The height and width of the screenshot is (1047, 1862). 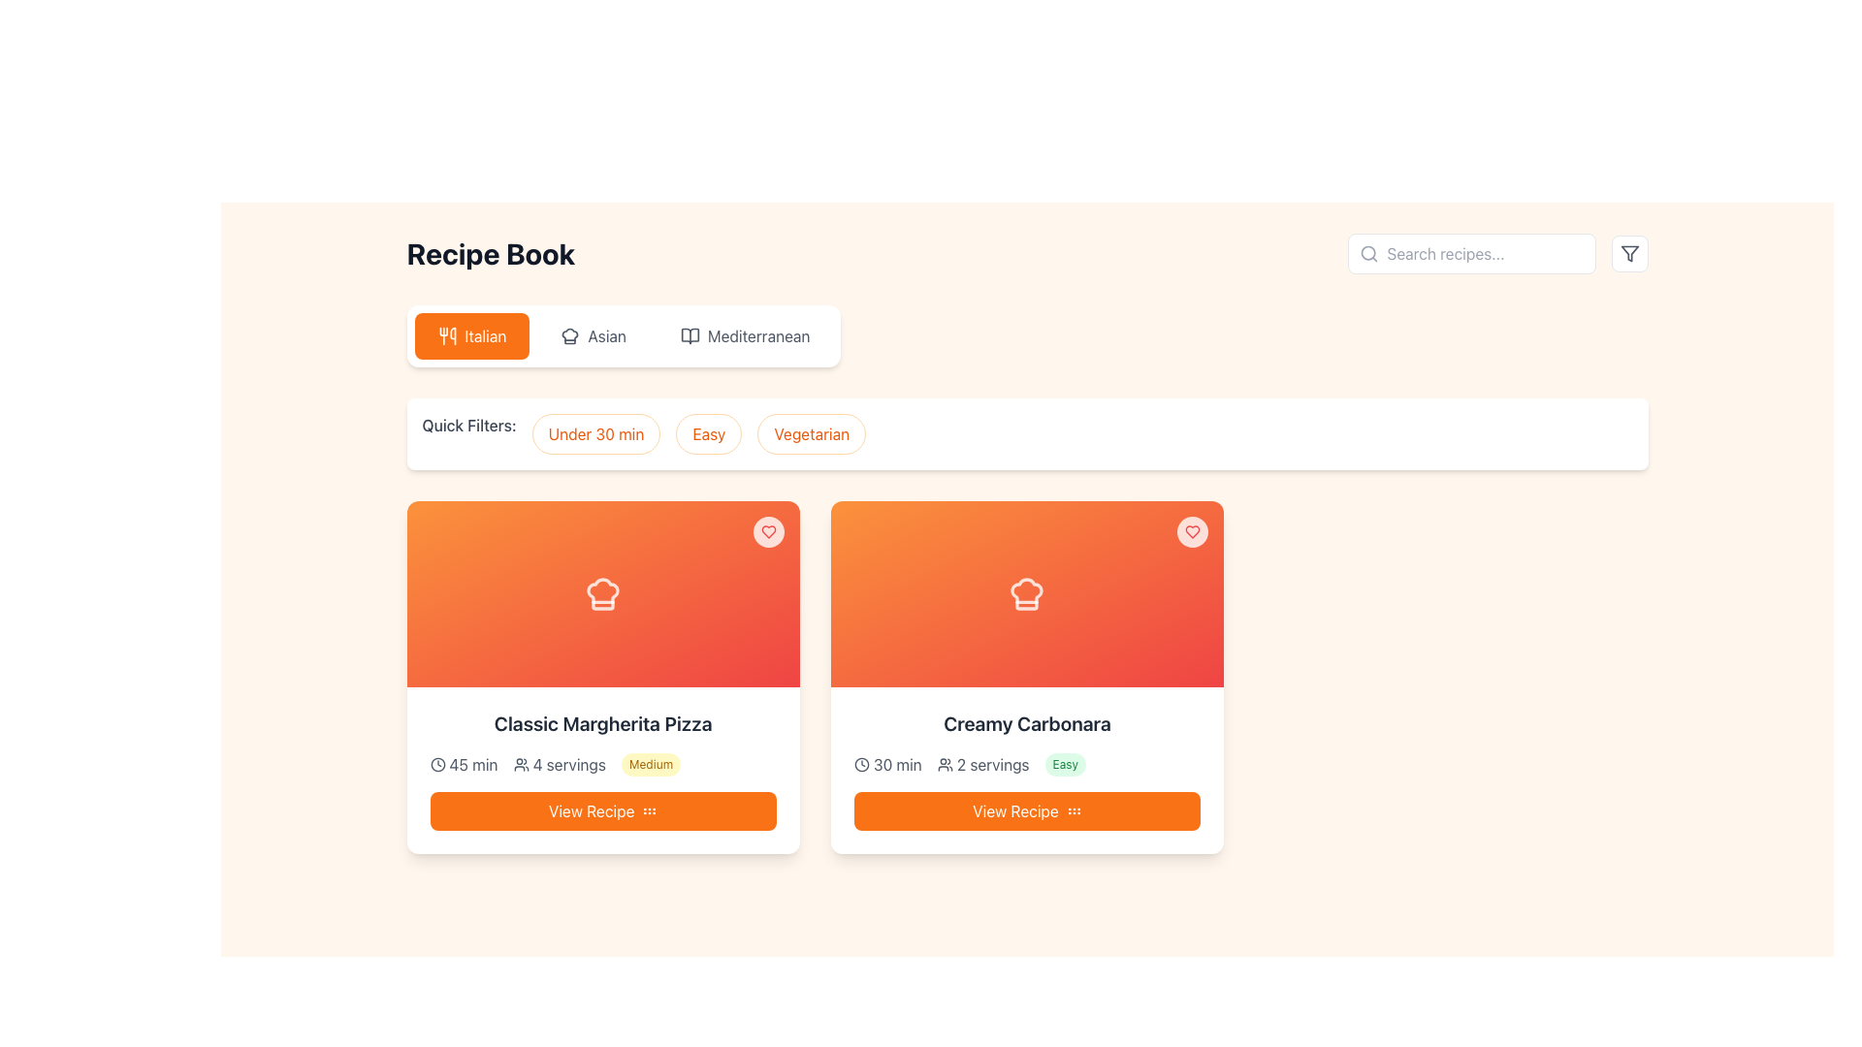 What do you see at coordinates (1192, 531) in the screenshot?
I see `the circular button with a white background and a red heart icon located in the top-right corner of the 'Creamy Carbonara' recipe card` at bounding box center [1192, 531].